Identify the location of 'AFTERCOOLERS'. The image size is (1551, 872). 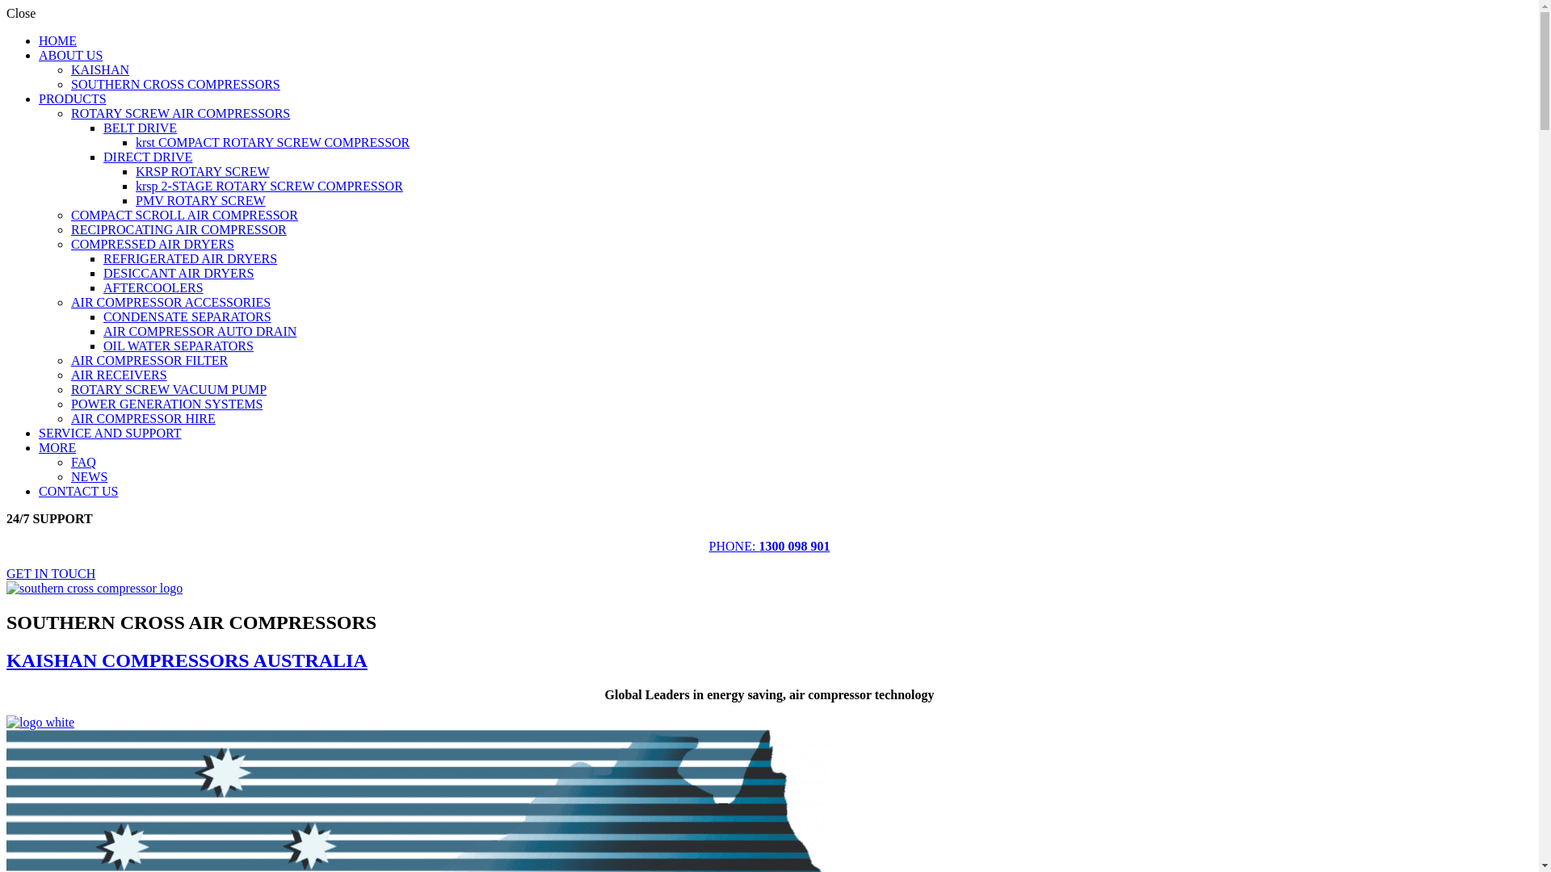
(103, 287).